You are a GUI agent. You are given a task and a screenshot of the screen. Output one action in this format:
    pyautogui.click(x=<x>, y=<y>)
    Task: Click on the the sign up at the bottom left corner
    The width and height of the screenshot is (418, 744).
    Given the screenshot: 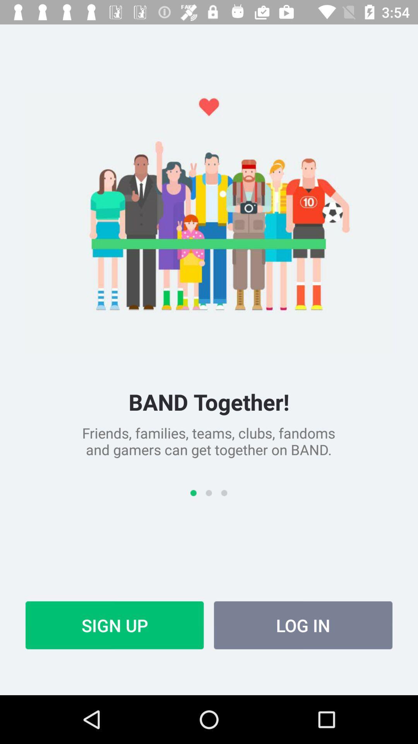 What is the action you would take?
    pyautogui.click(x=115, y=625)
    